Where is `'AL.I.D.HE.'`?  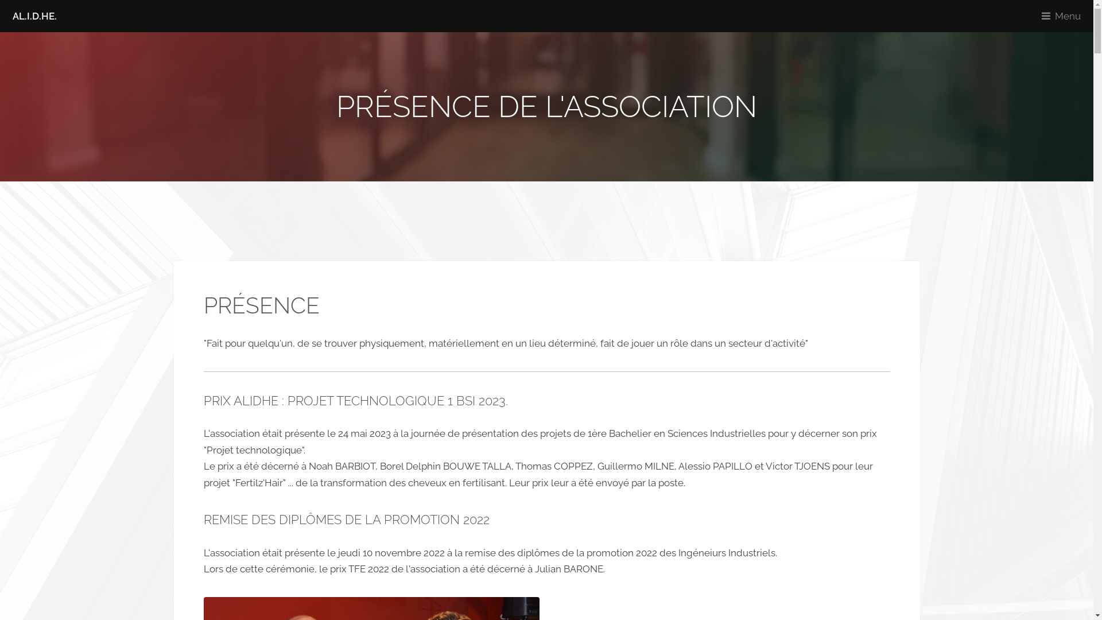 'AL.I.D.HE.' is located at coordinates (34, 15).